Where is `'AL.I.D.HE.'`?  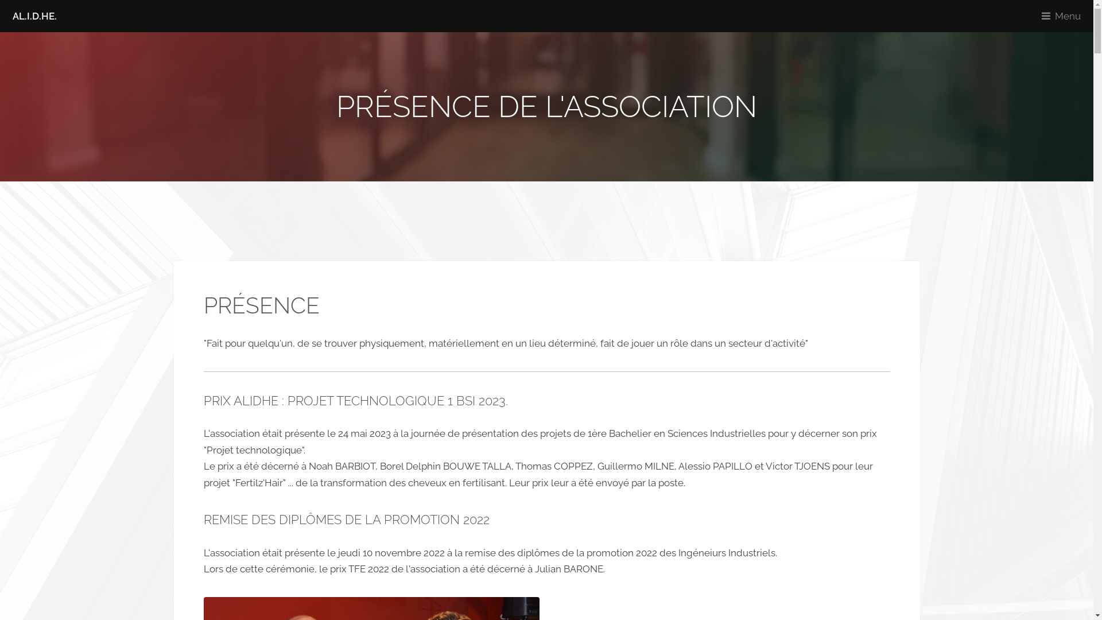 'AL.I.D.HE.' is located at coordinates (34, 15).